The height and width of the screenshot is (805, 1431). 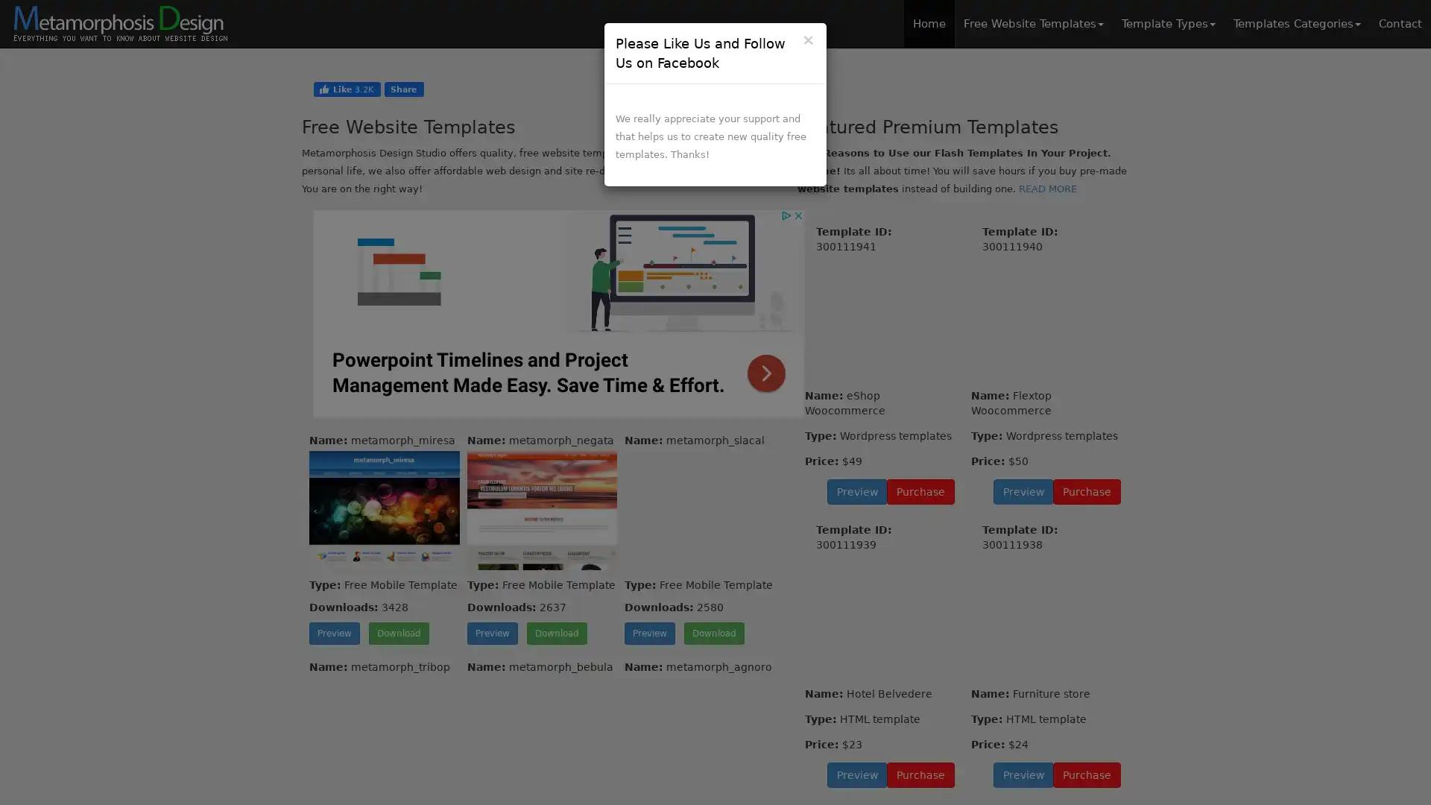 I want to click on Preview, so click(x=857, y=774).